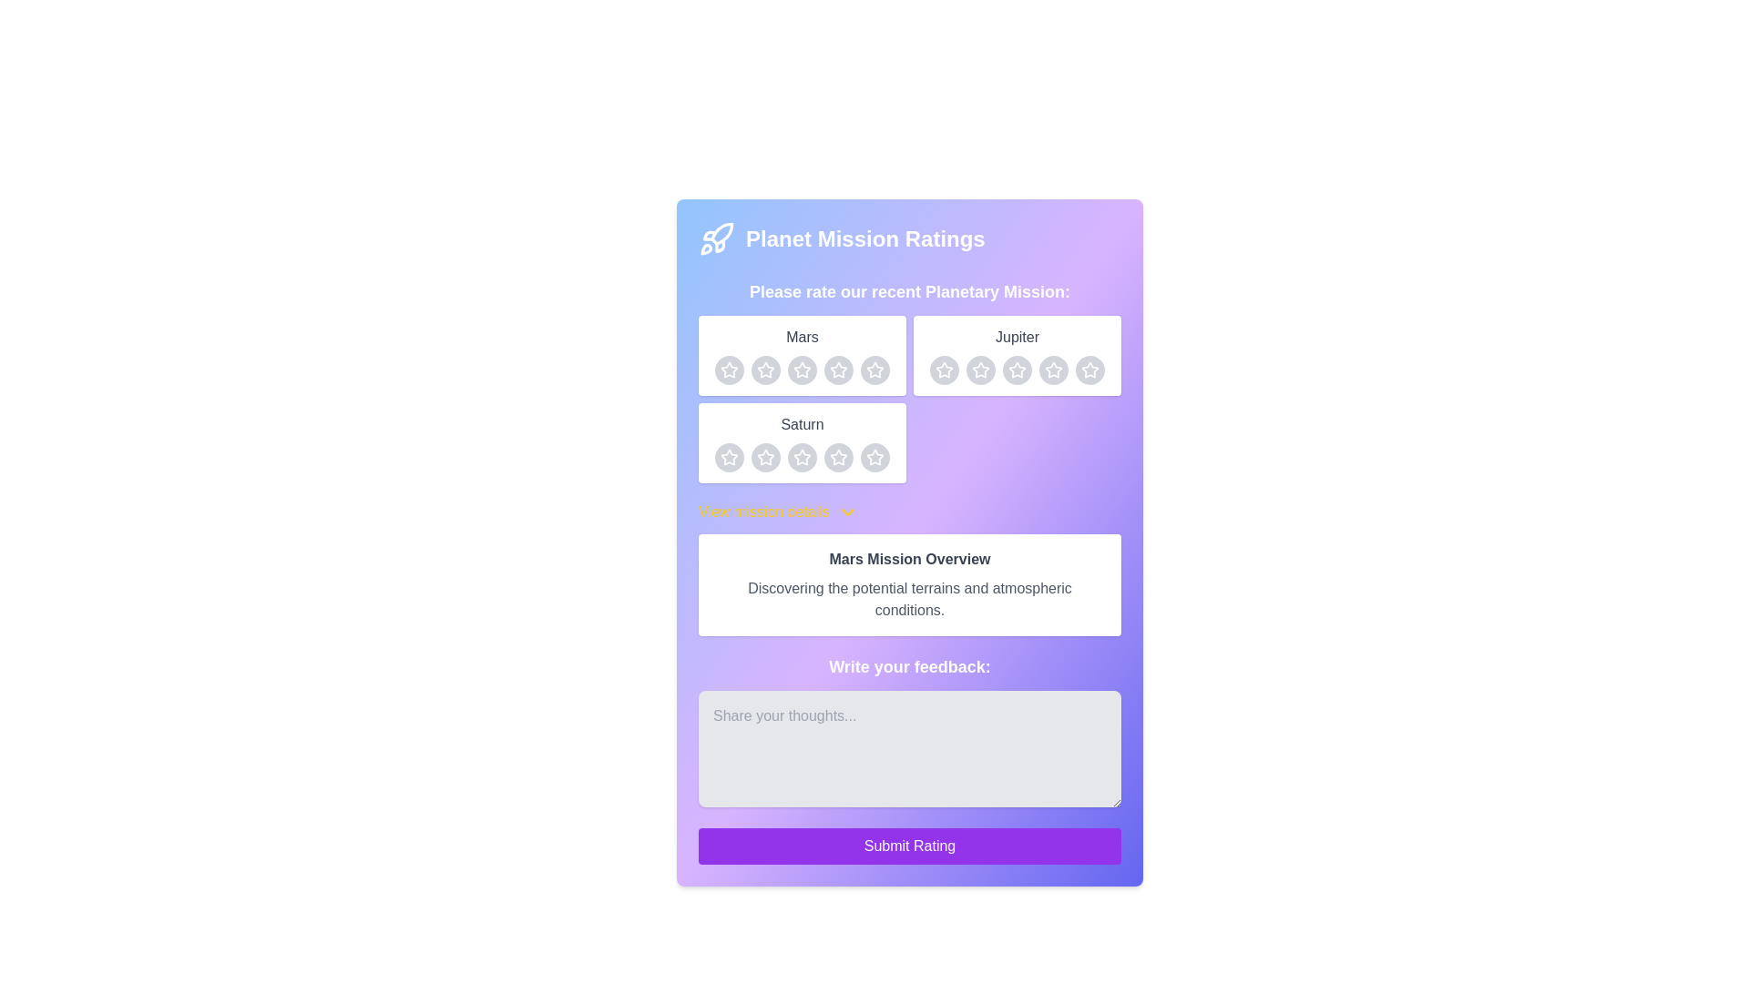 The width and height of the screenshot is (1749, 983). What do you see at coordinates (730, 370) in the screenshot?
I see `the first rating button for the Mars mission` at bounding box center [730, 370].